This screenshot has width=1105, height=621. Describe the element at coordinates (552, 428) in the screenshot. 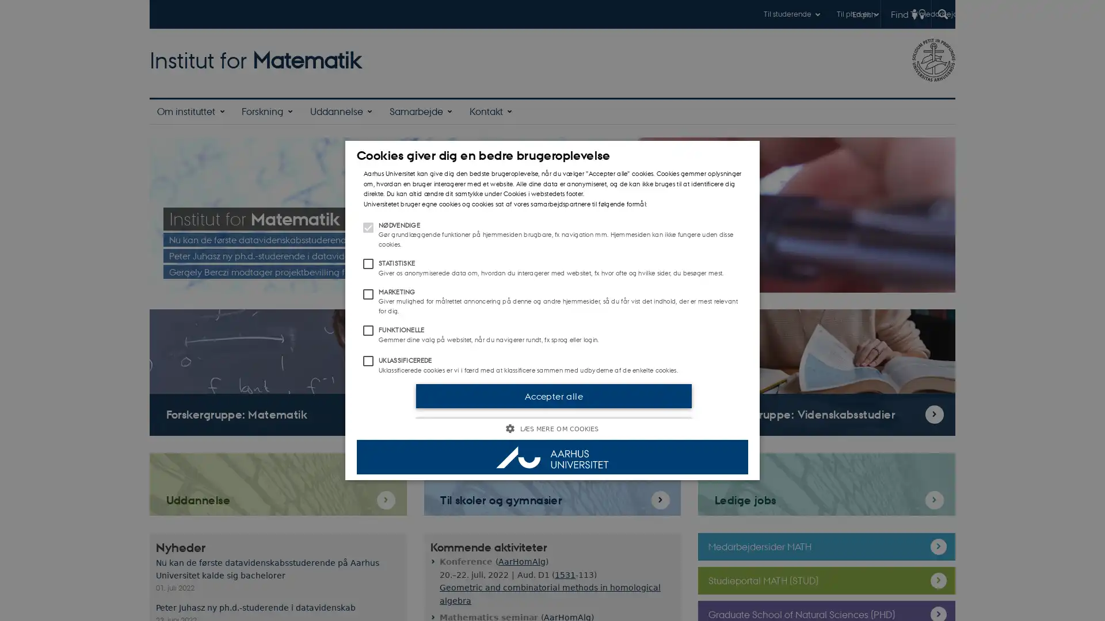

I see `LS MERE OM COOKIES` at that location.